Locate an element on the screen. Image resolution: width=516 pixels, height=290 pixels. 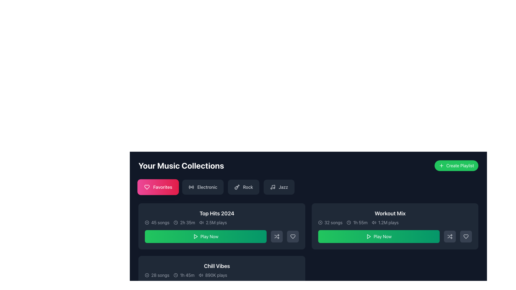
the 'Top Hits 2024' playlist information display element, which includes details such as '45 songs', '2h 35m', and '2.5M plays', located in the middle section of the interface above the green 'Play Now' button is located at coordinates (222, 218).